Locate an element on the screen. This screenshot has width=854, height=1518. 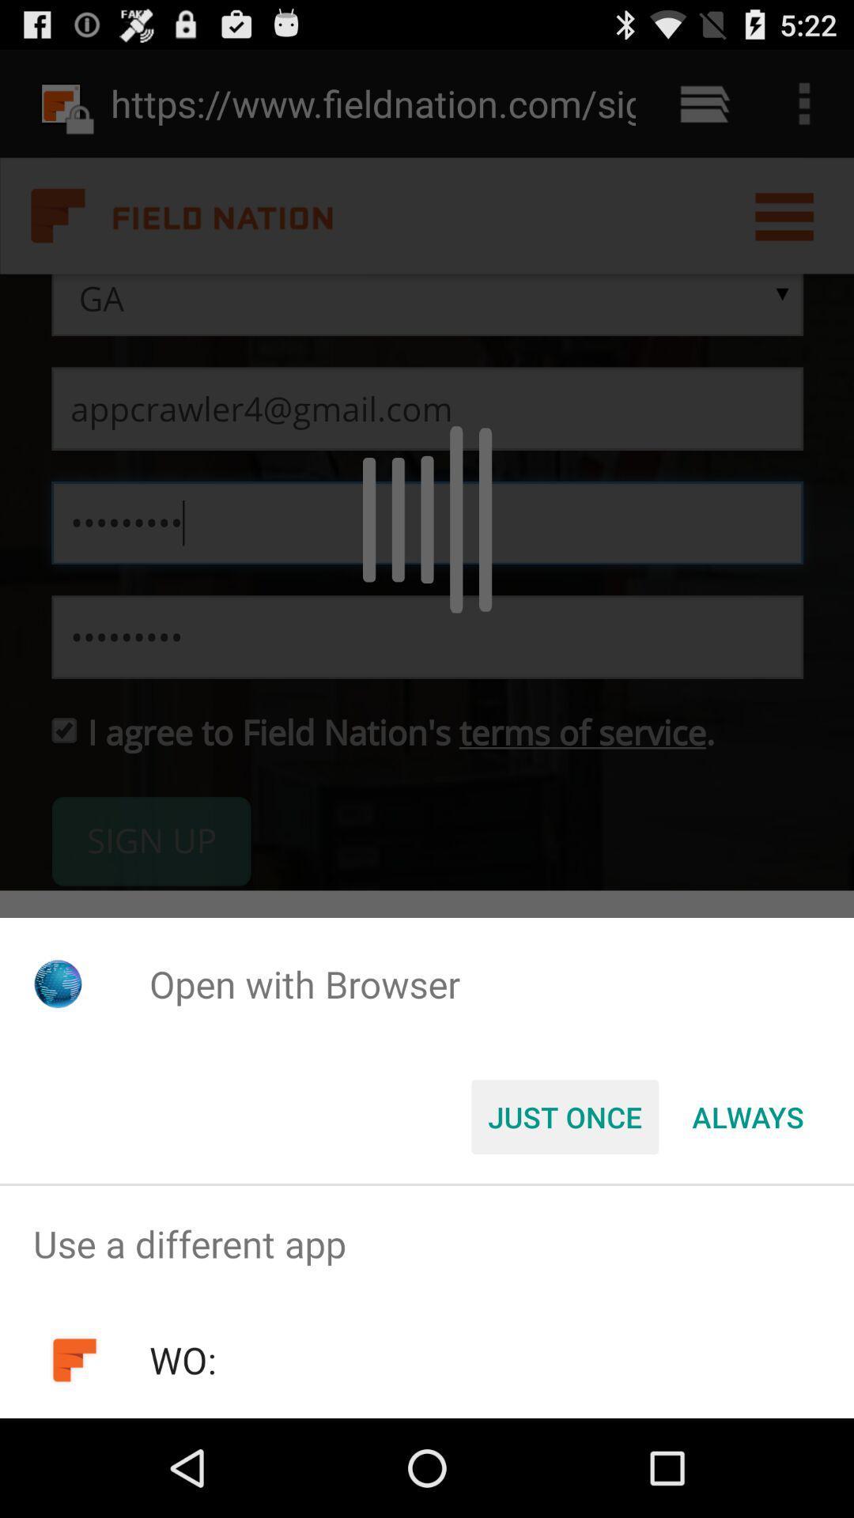
icon below the open with browser icon is located at coordinates (747, 1116).